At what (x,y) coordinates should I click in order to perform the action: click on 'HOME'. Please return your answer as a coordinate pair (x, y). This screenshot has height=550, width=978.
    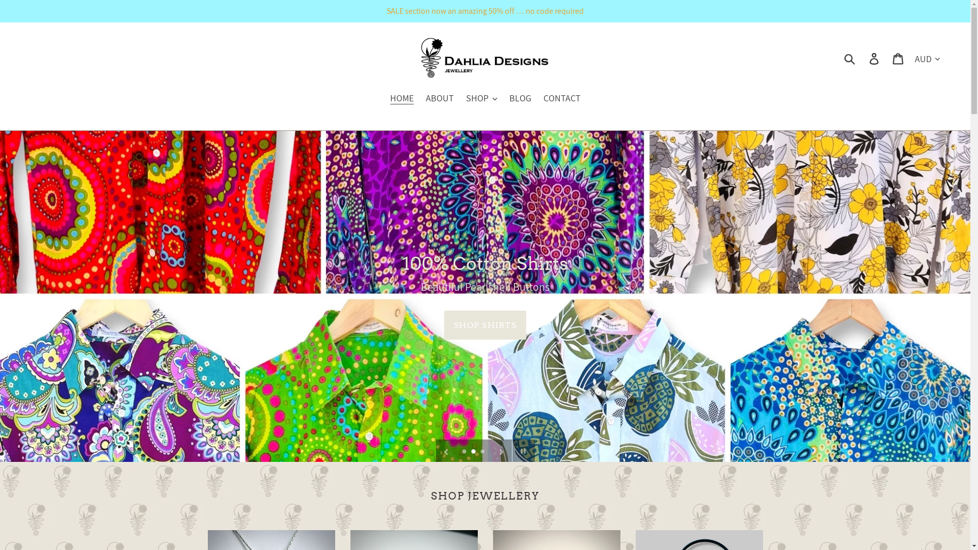
    Looking at the image, I should click on (384, 98).